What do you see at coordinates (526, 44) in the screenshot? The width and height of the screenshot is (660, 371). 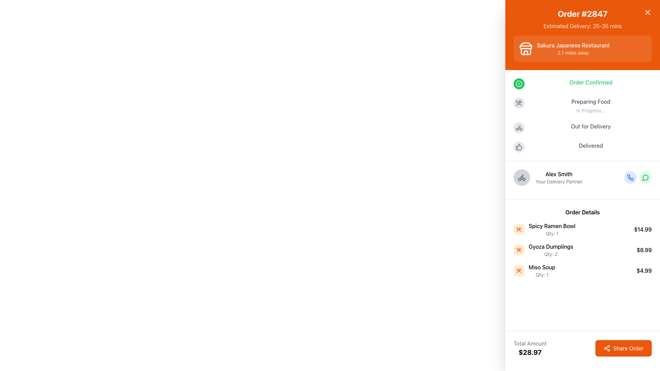 I see `the decorative graphic element that represents the roof-like segment of the store icon in the header of the content card titled 'Sakura Japanese Restaurant'` at bounding box center [526, 44].